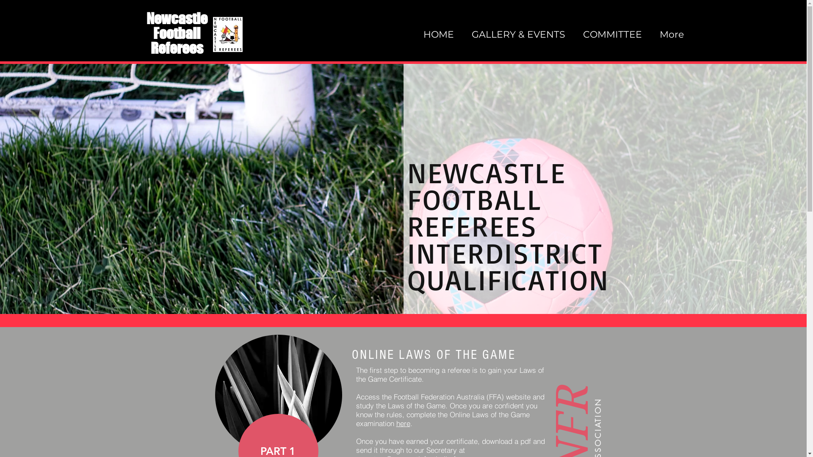 The image size is (813, 457). Describe the element at coordinates (615, 34) in the screenshot. I see `'COMMITTEE'` at that location.